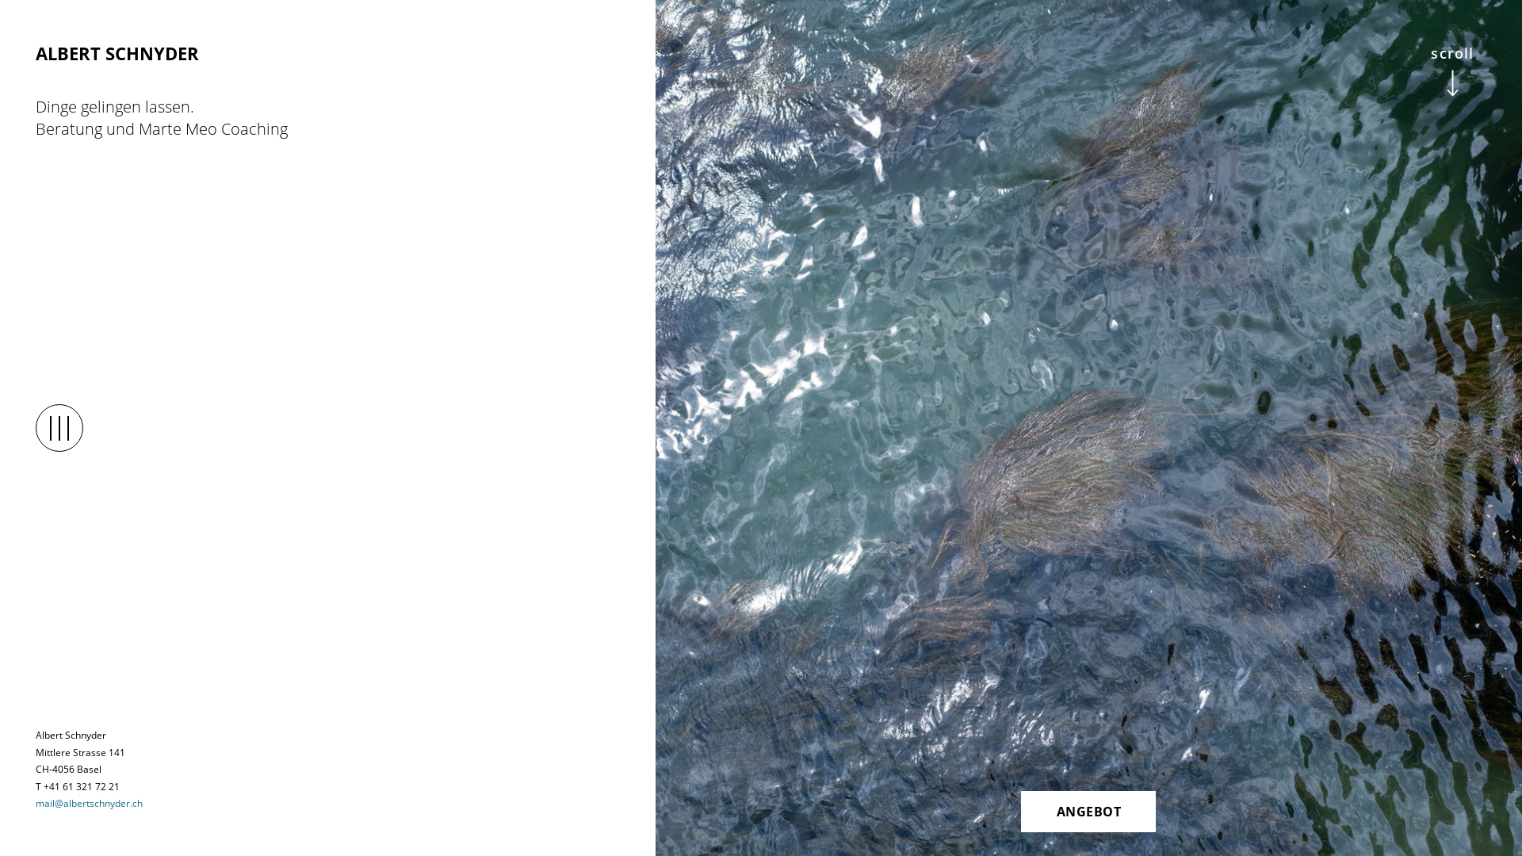  Describe the element at coordinates (88, 803) in the screenshot. I see `'mail@albertschnyder.ch'` at that location.